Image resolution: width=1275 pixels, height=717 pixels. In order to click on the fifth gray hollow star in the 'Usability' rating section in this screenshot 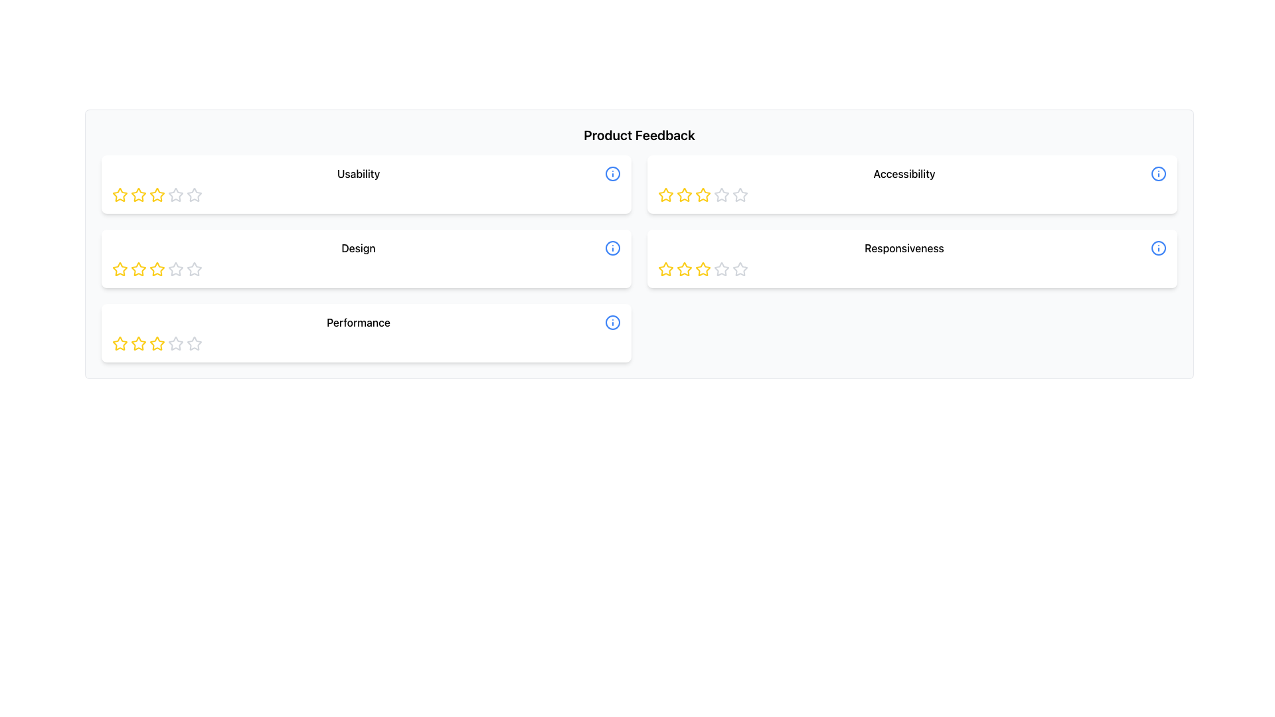, I will do `click(193, 195)`.